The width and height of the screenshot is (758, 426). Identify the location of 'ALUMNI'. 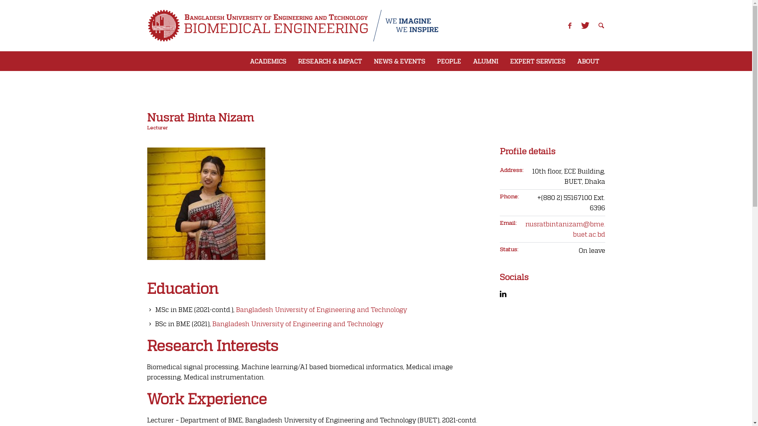
(484, 60).